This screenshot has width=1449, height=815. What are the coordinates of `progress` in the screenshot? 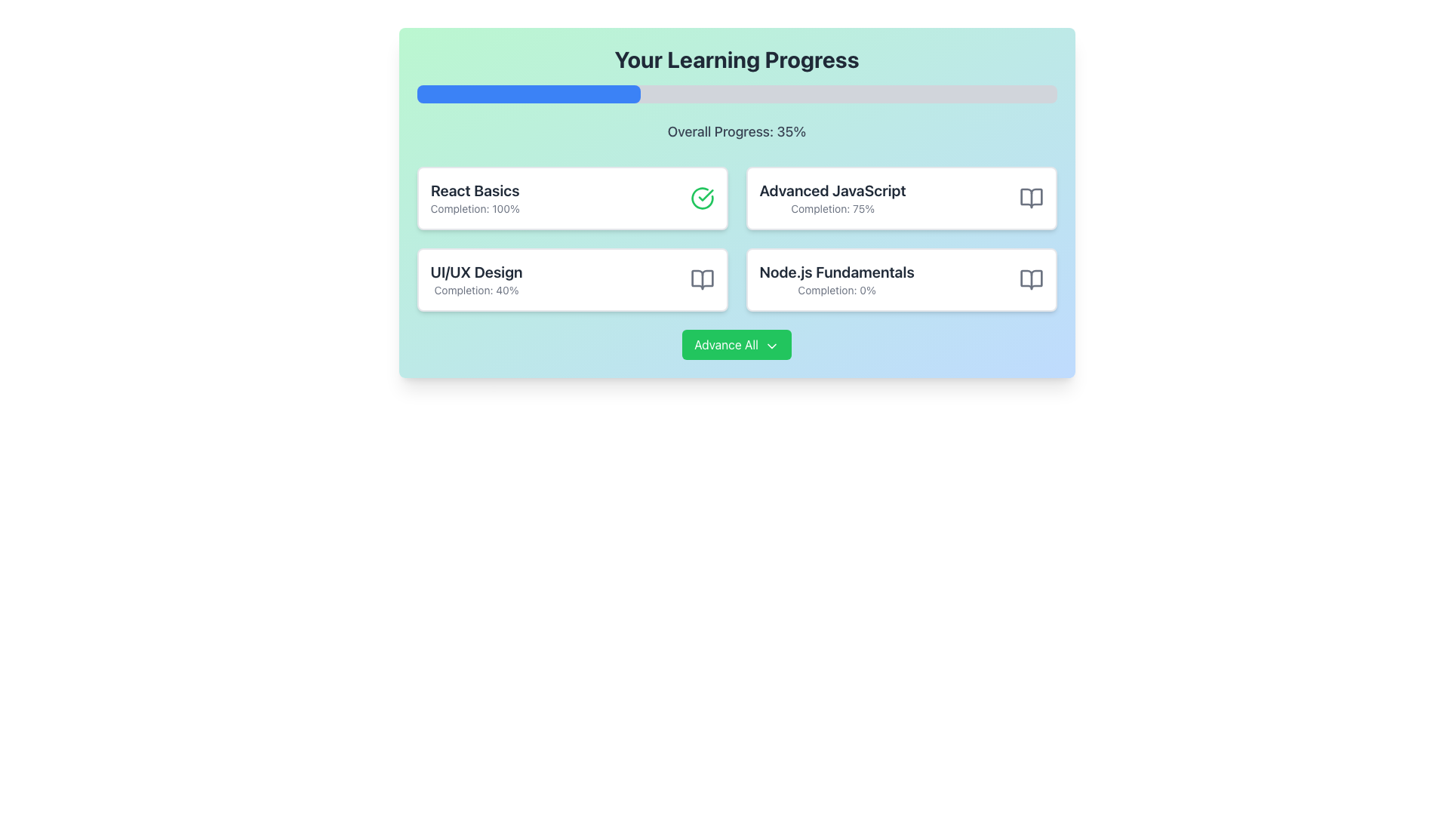 It's located at (494, 94).